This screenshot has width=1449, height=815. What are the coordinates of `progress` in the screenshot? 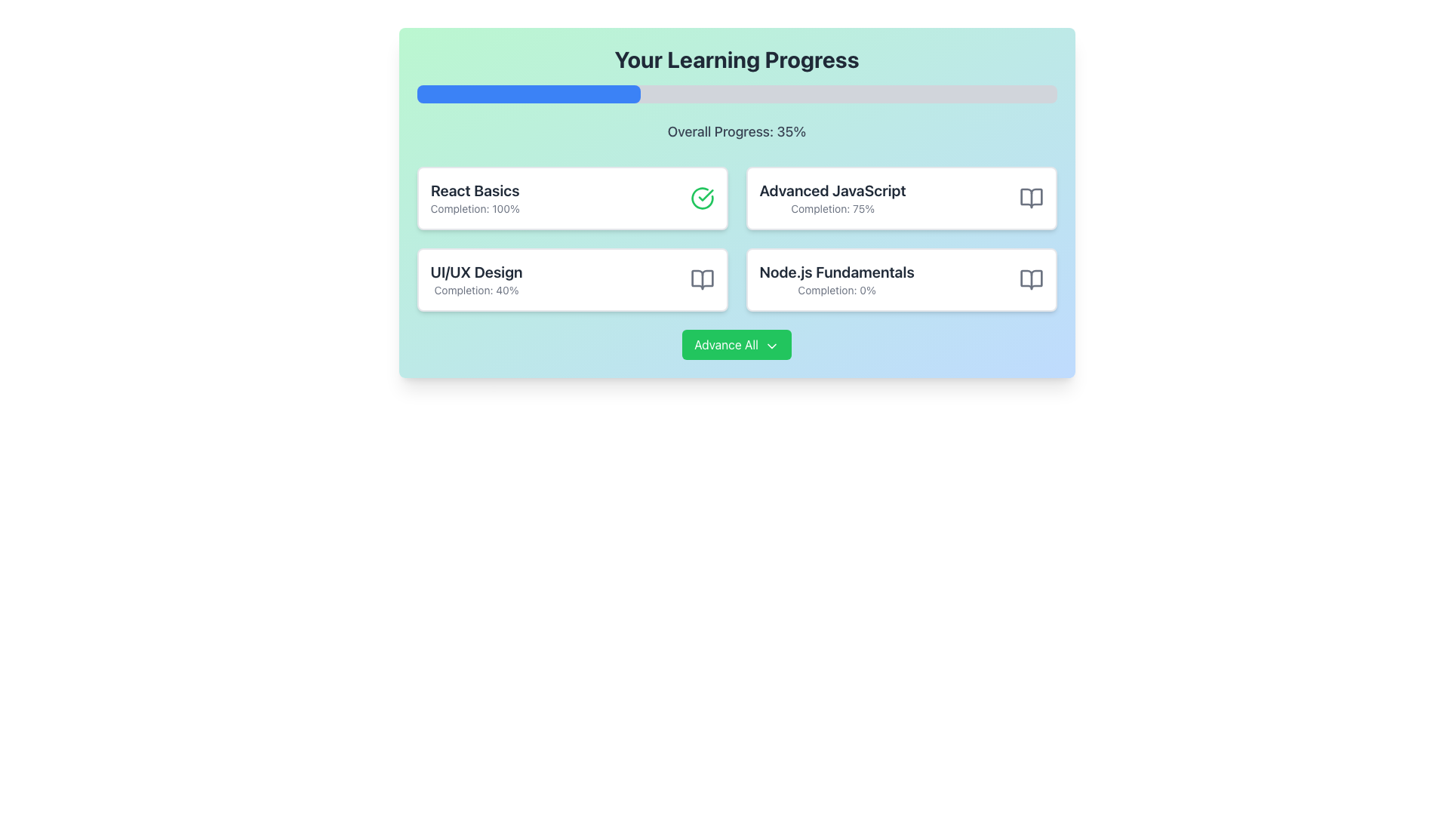 It's located at (494, 94).